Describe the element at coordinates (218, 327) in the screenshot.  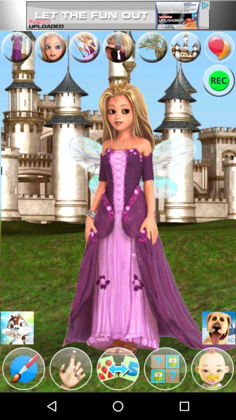
I see `this is an advertisement` at that location.